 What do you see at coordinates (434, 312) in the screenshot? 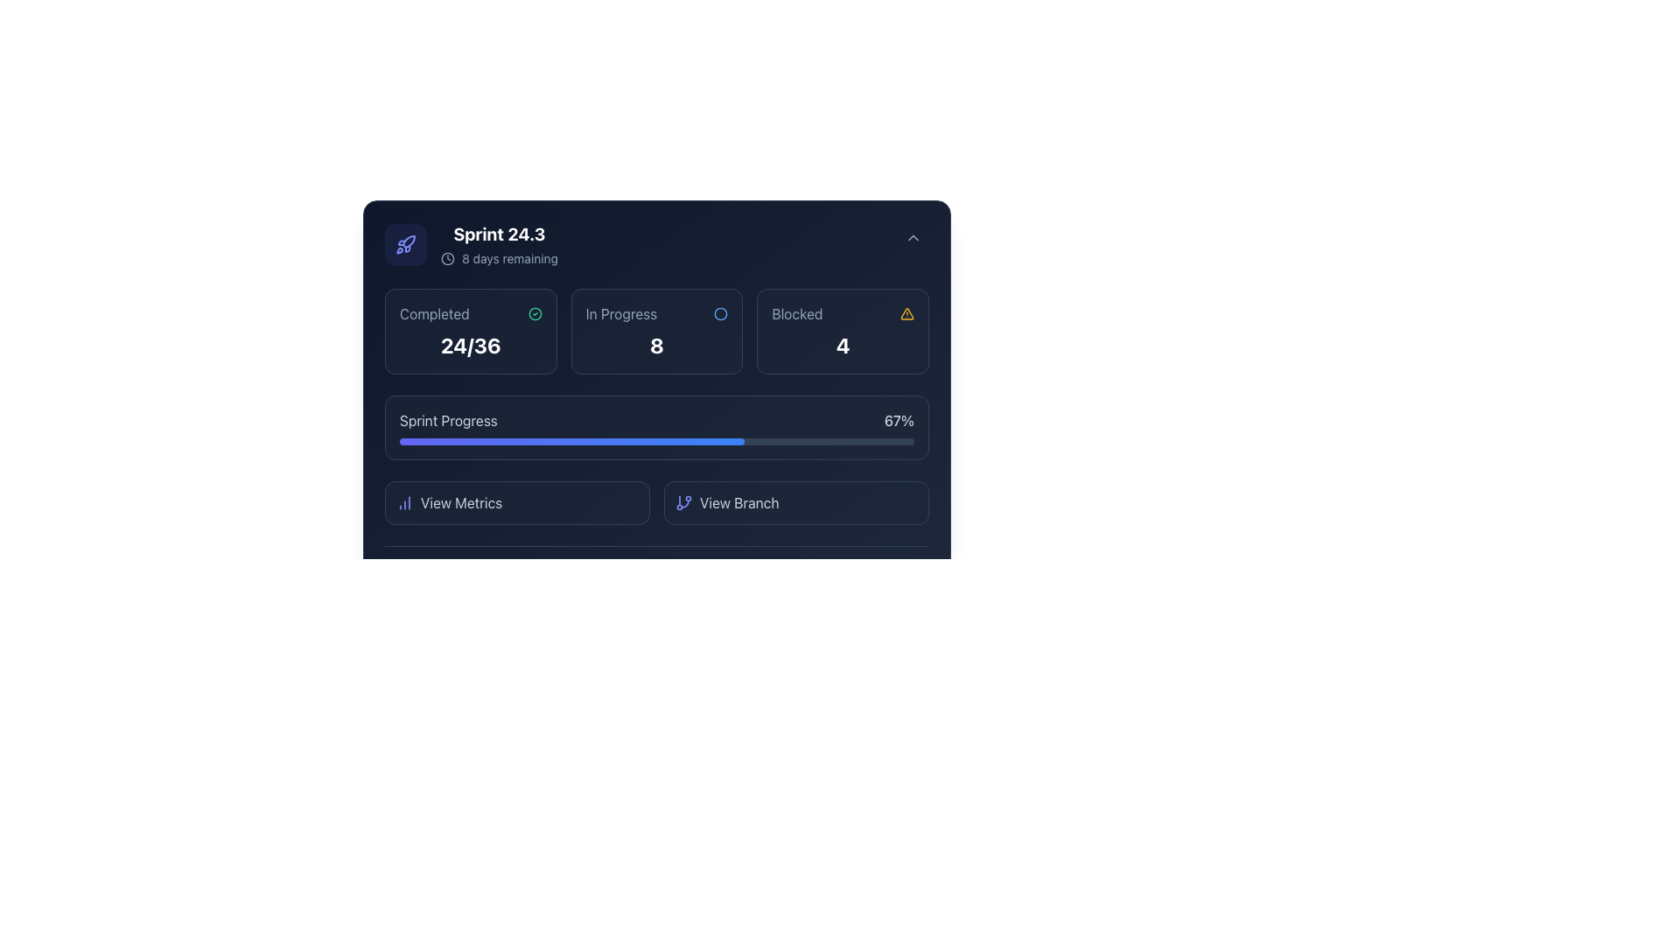
I see `the text label displaying 'Completed' in a gray tone, located at the top-left corner of a dark-themed card layout in the dashboard` at bounding box center [434, 312].